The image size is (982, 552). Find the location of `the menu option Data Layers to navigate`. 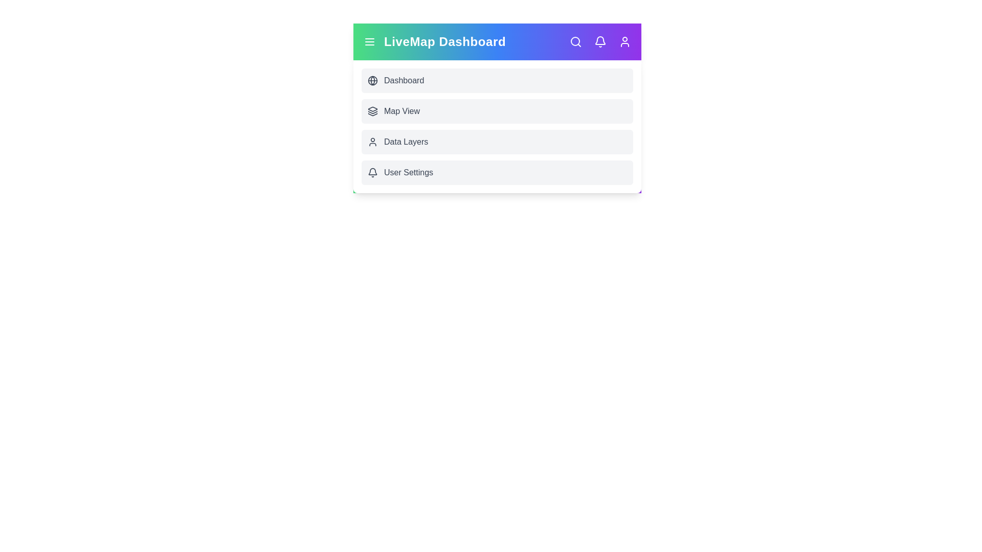

the menu option Data Layers to navigate is located at coordinates (497, 142).